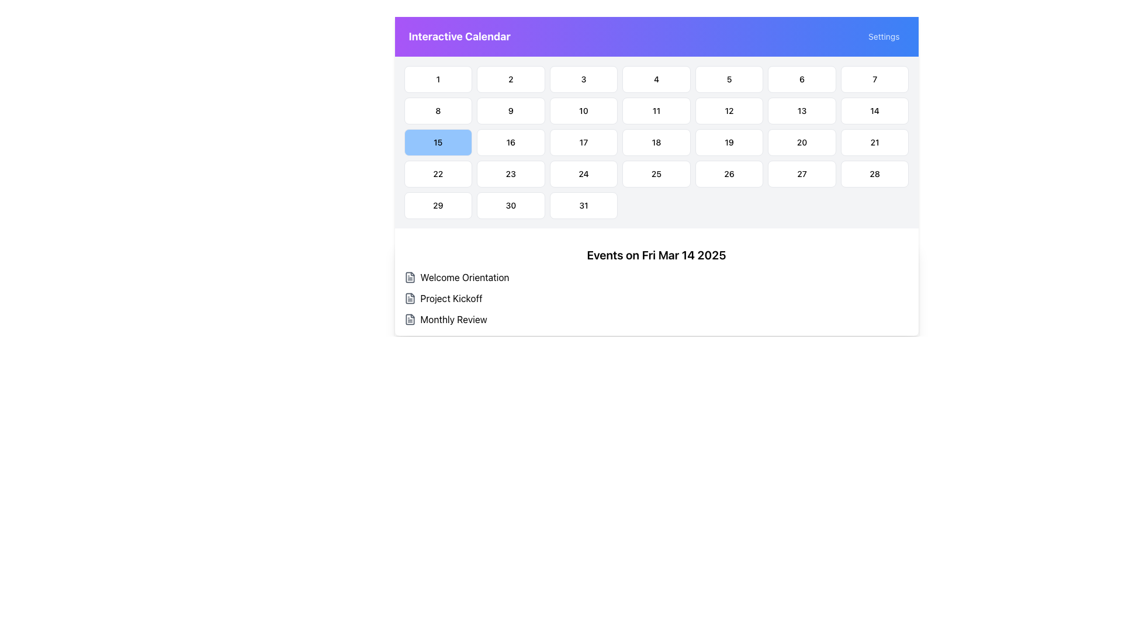 The width and height of the screenshot is (1122, 631). Describe the element at coordinates (583, 174) in the screenshot. I see `the calendar day cell displaying the number '24', which is styled with a white background and rounded corners, located in the fourth row and fourth column of the calendar grid` at that location.